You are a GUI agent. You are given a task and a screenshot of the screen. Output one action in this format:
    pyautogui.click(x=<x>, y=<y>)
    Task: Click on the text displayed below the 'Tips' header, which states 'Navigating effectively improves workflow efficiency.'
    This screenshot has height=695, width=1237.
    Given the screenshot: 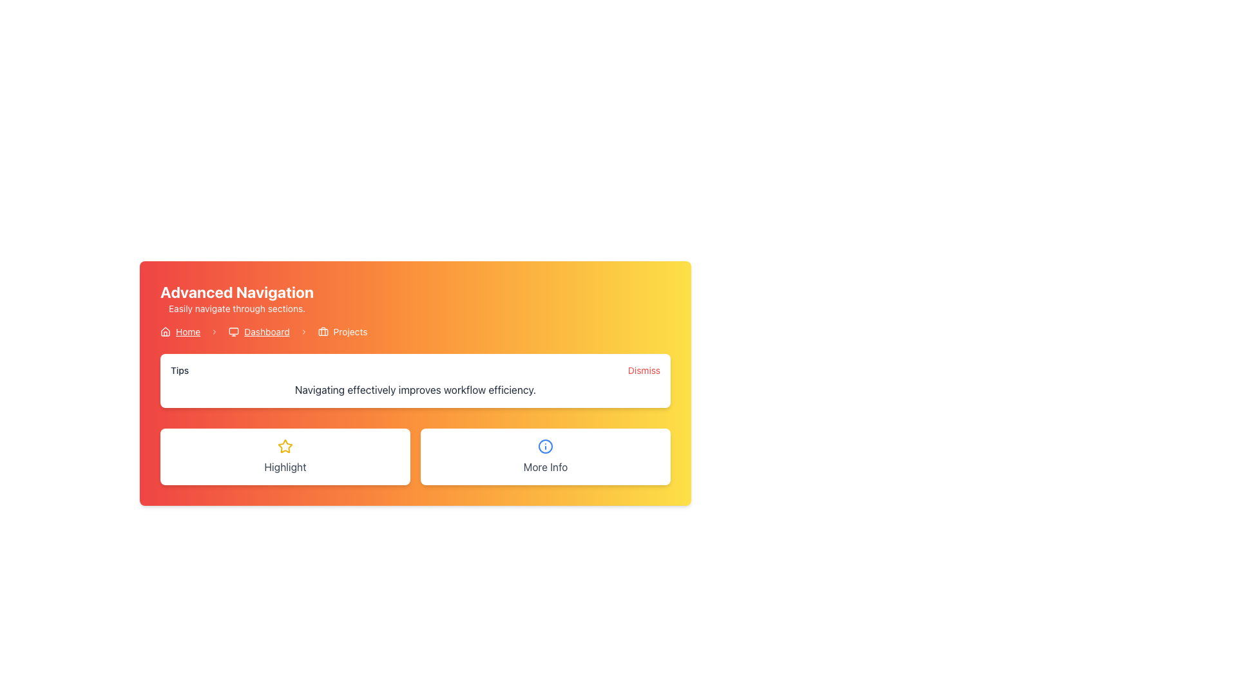 What is the action you would take?
    pyautogui.click(x=415, y=389)
    